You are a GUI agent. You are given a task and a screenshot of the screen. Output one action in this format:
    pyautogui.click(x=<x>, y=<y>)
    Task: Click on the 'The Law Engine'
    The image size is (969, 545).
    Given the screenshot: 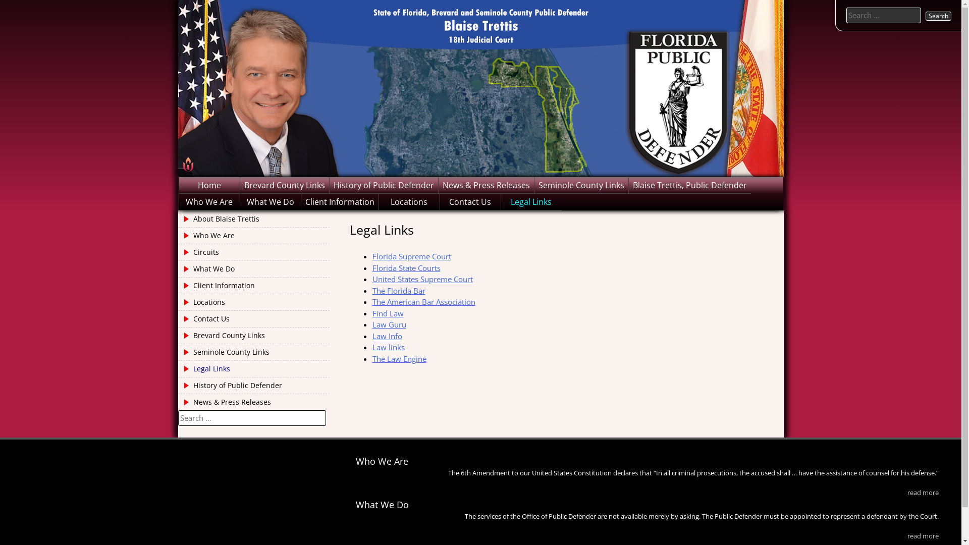 What is the action you would take?
    pyautogui.click(x=372, y=357)
    